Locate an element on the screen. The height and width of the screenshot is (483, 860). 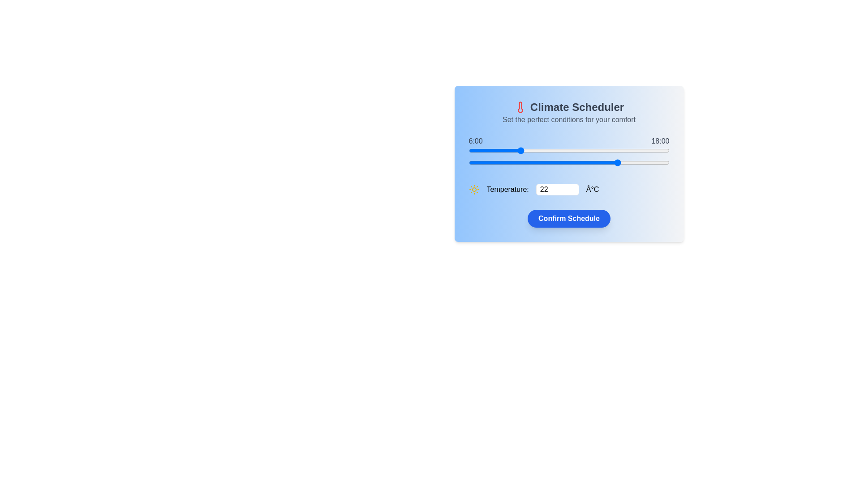
the time on the slider is located at coordinates (577, 150).